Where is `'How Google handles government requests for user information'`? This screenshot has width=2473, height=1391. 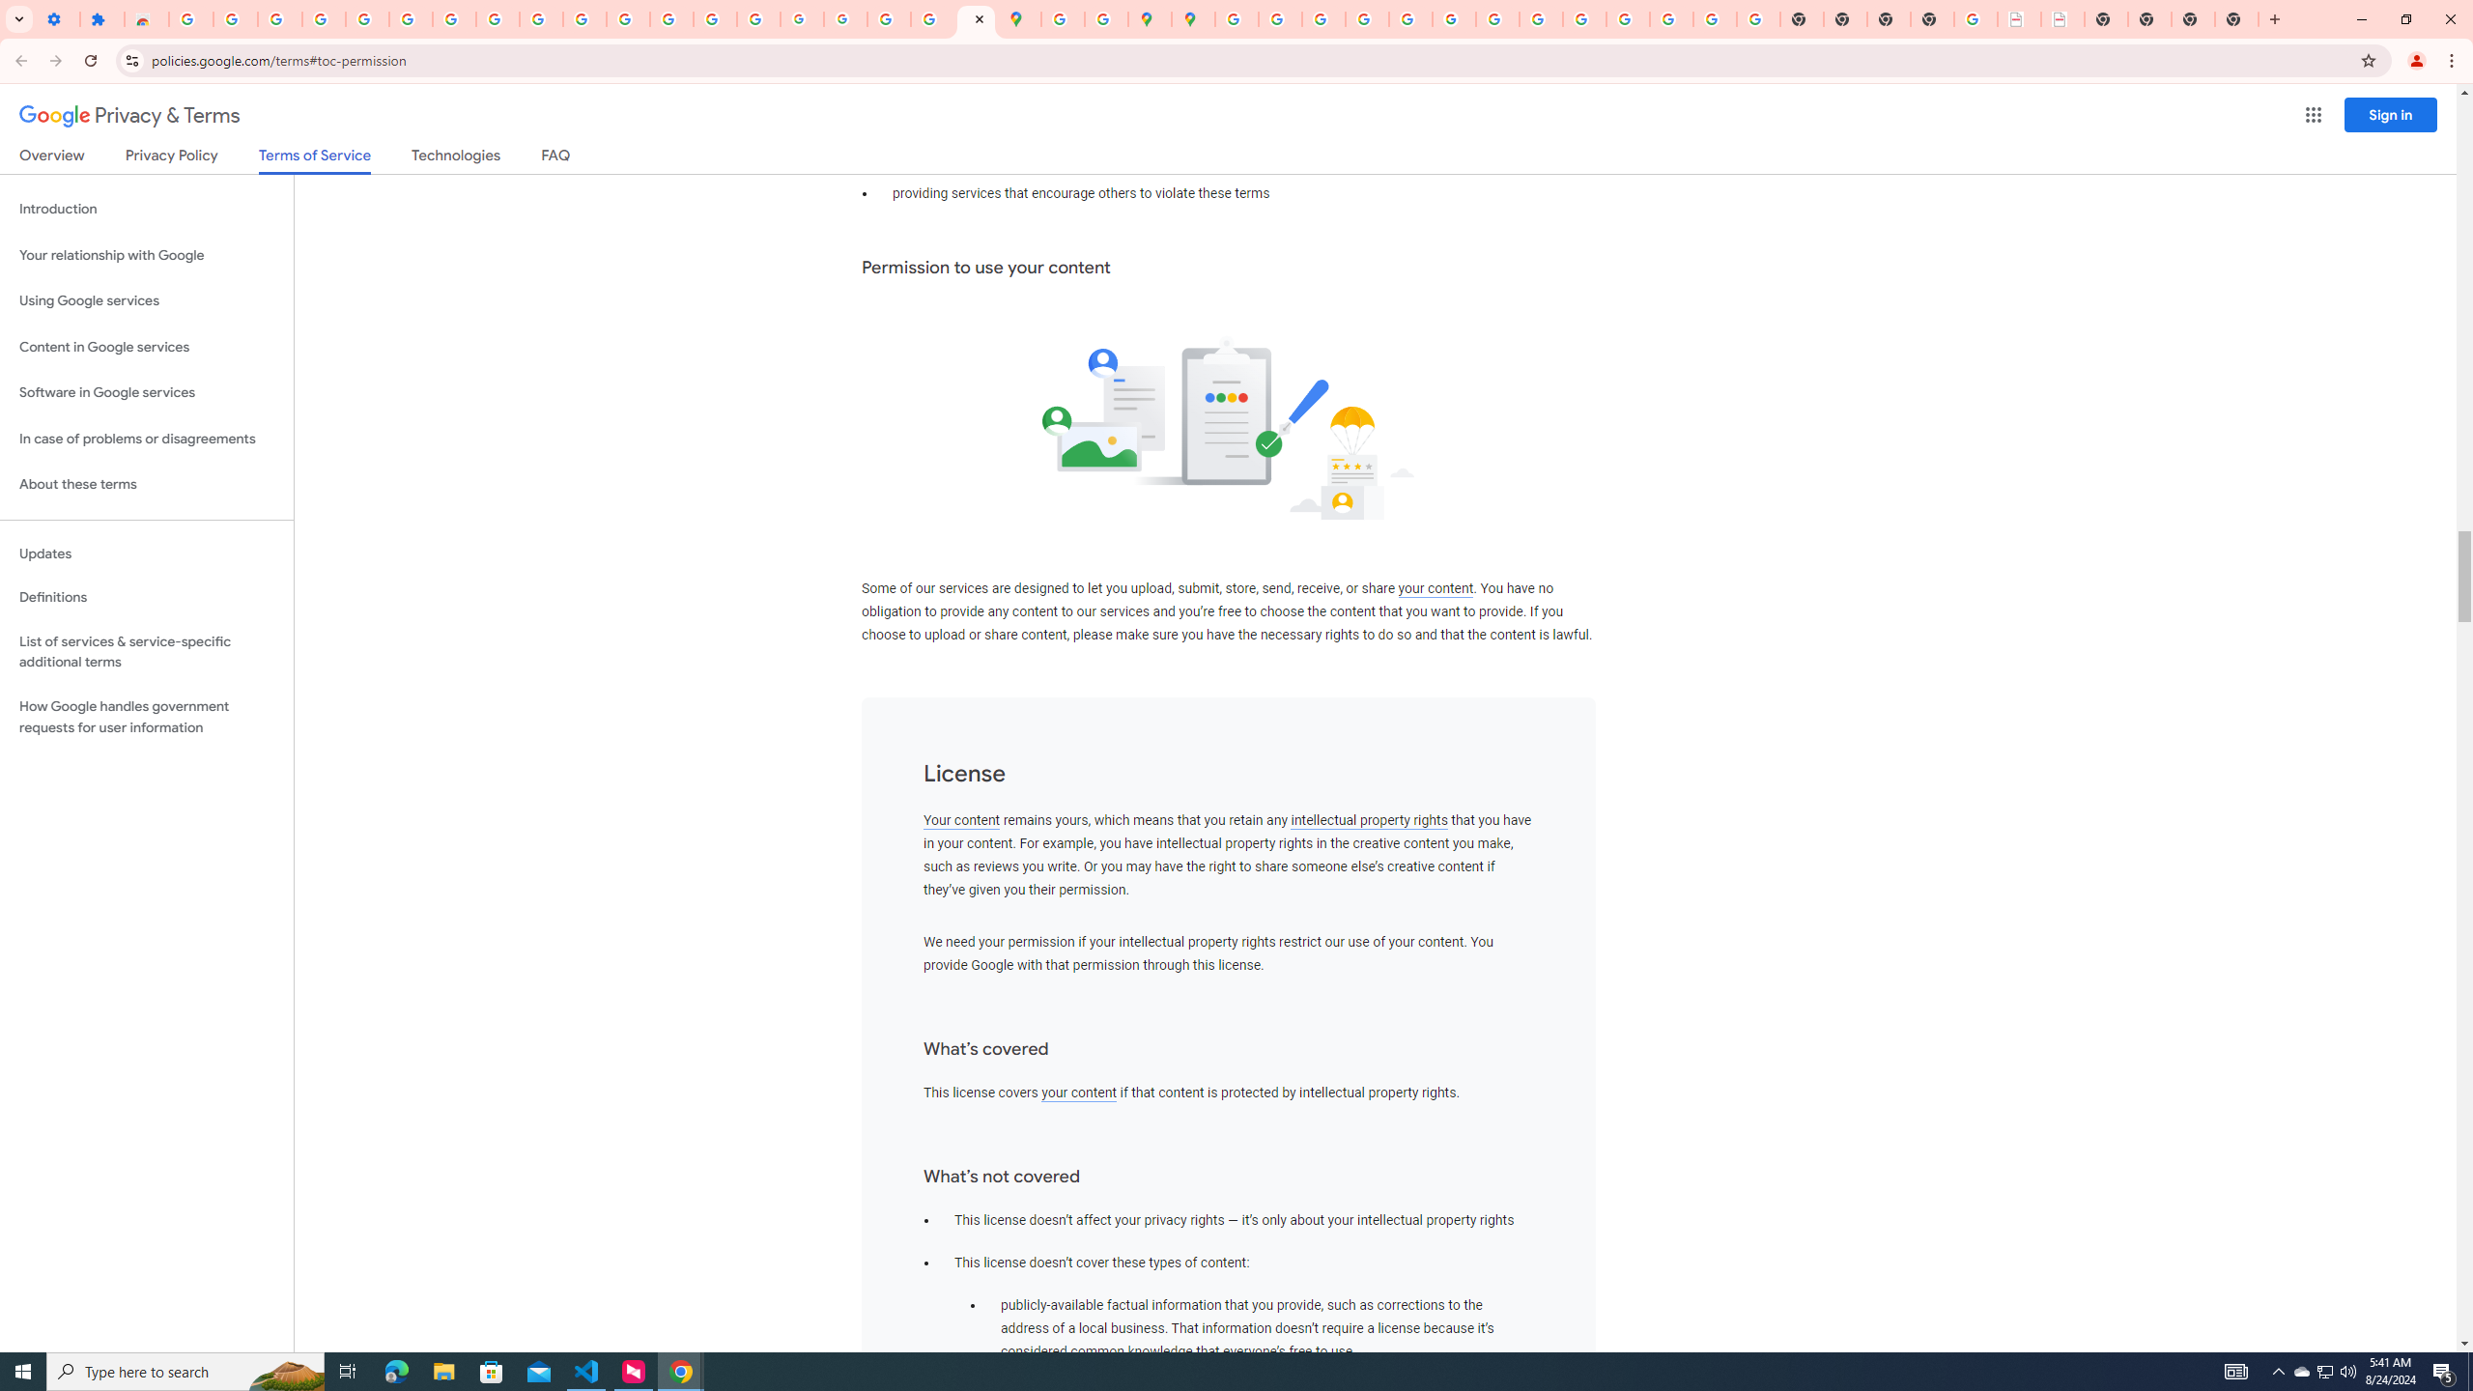
'How Google handles government requests for user information' is located at coordinates (146, 717).